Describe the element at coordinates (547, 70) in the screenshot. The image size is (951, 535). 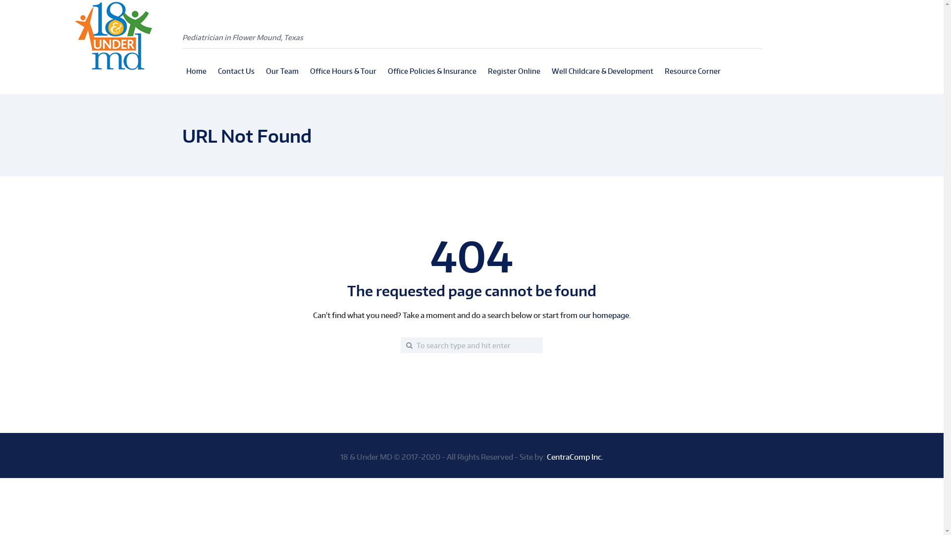
I see `'Well Childcare & Development'` at that location.